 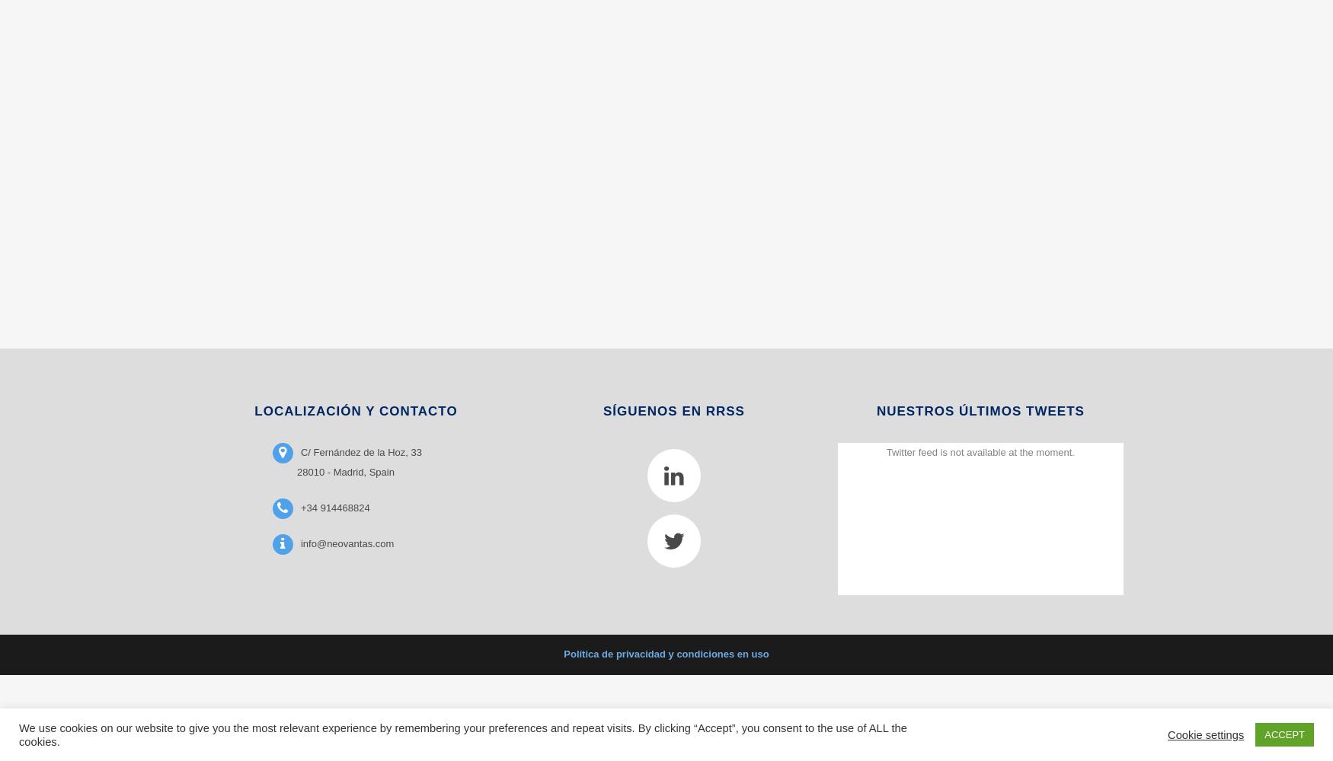 What do you see at coordinates (356, 410) in the screenshot?
I see `'LOCALIZACIÓN Y CONTACTO'` at bounding box center [356, 410].